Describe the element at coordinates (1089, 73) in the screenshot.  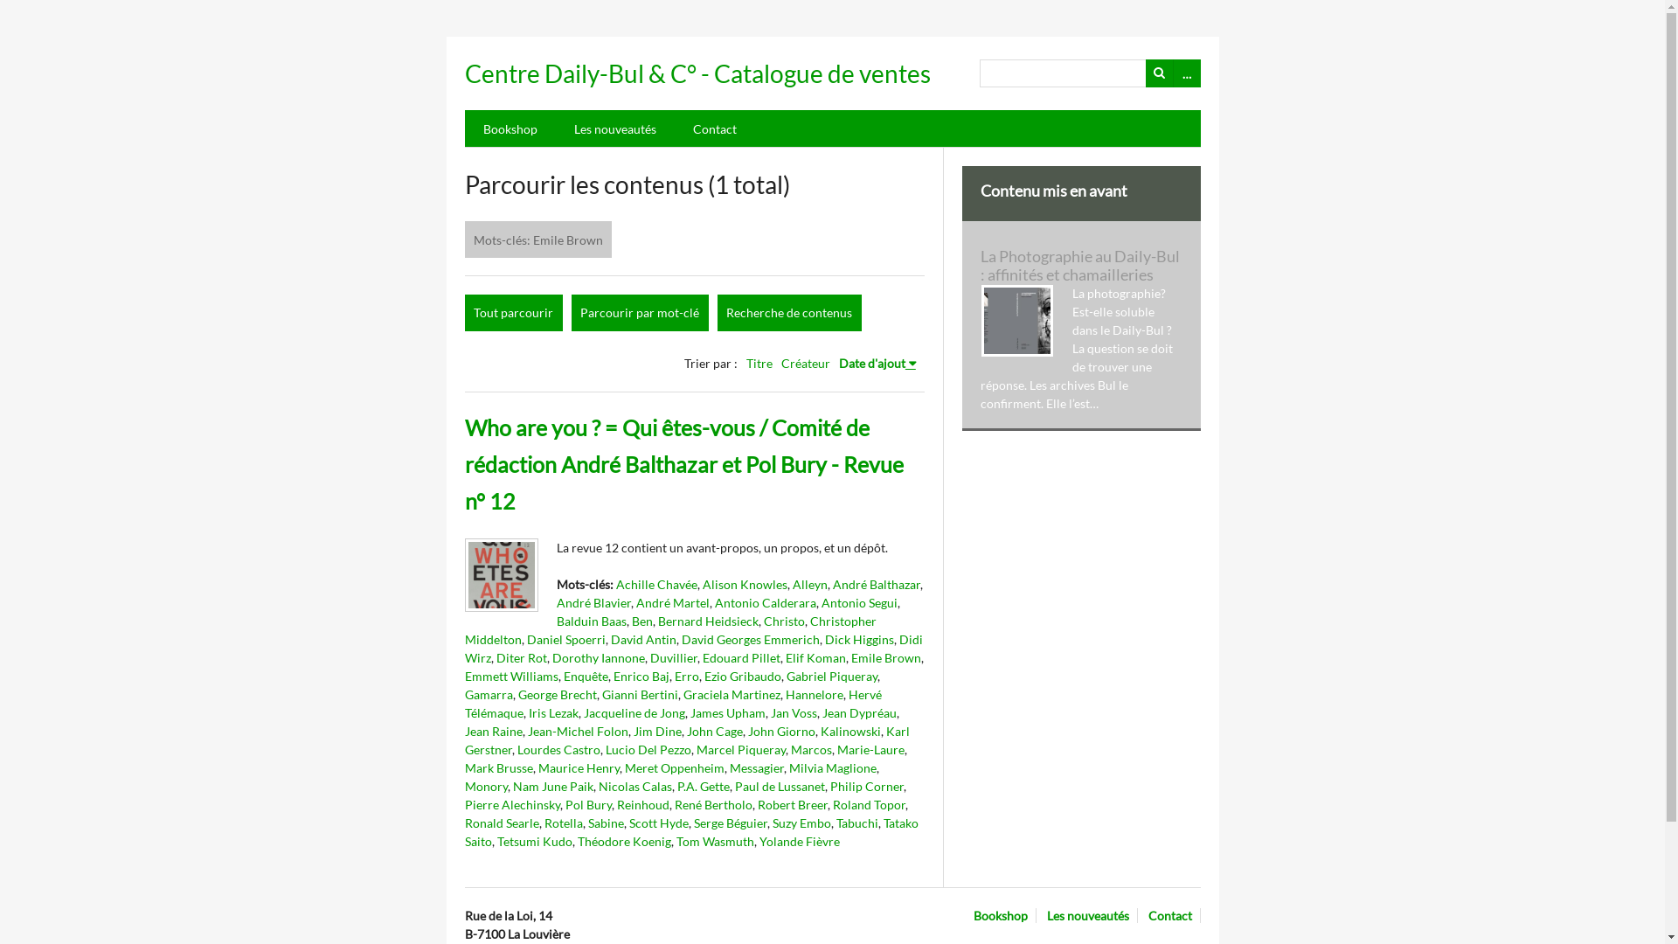
I see `'Recherche'` at that location.